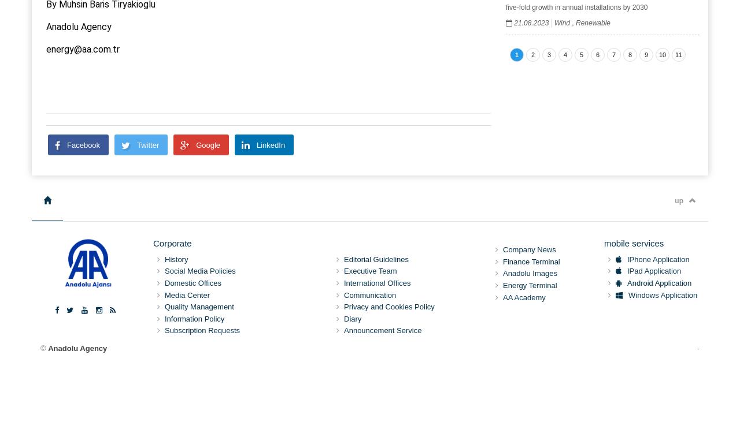 The height and width of the screenshot is (422, 740). What do you see at coordinates (82, 48) in the screenshot?
I see `'energy@aa.com.tr'` at bounding box center [82, 48].